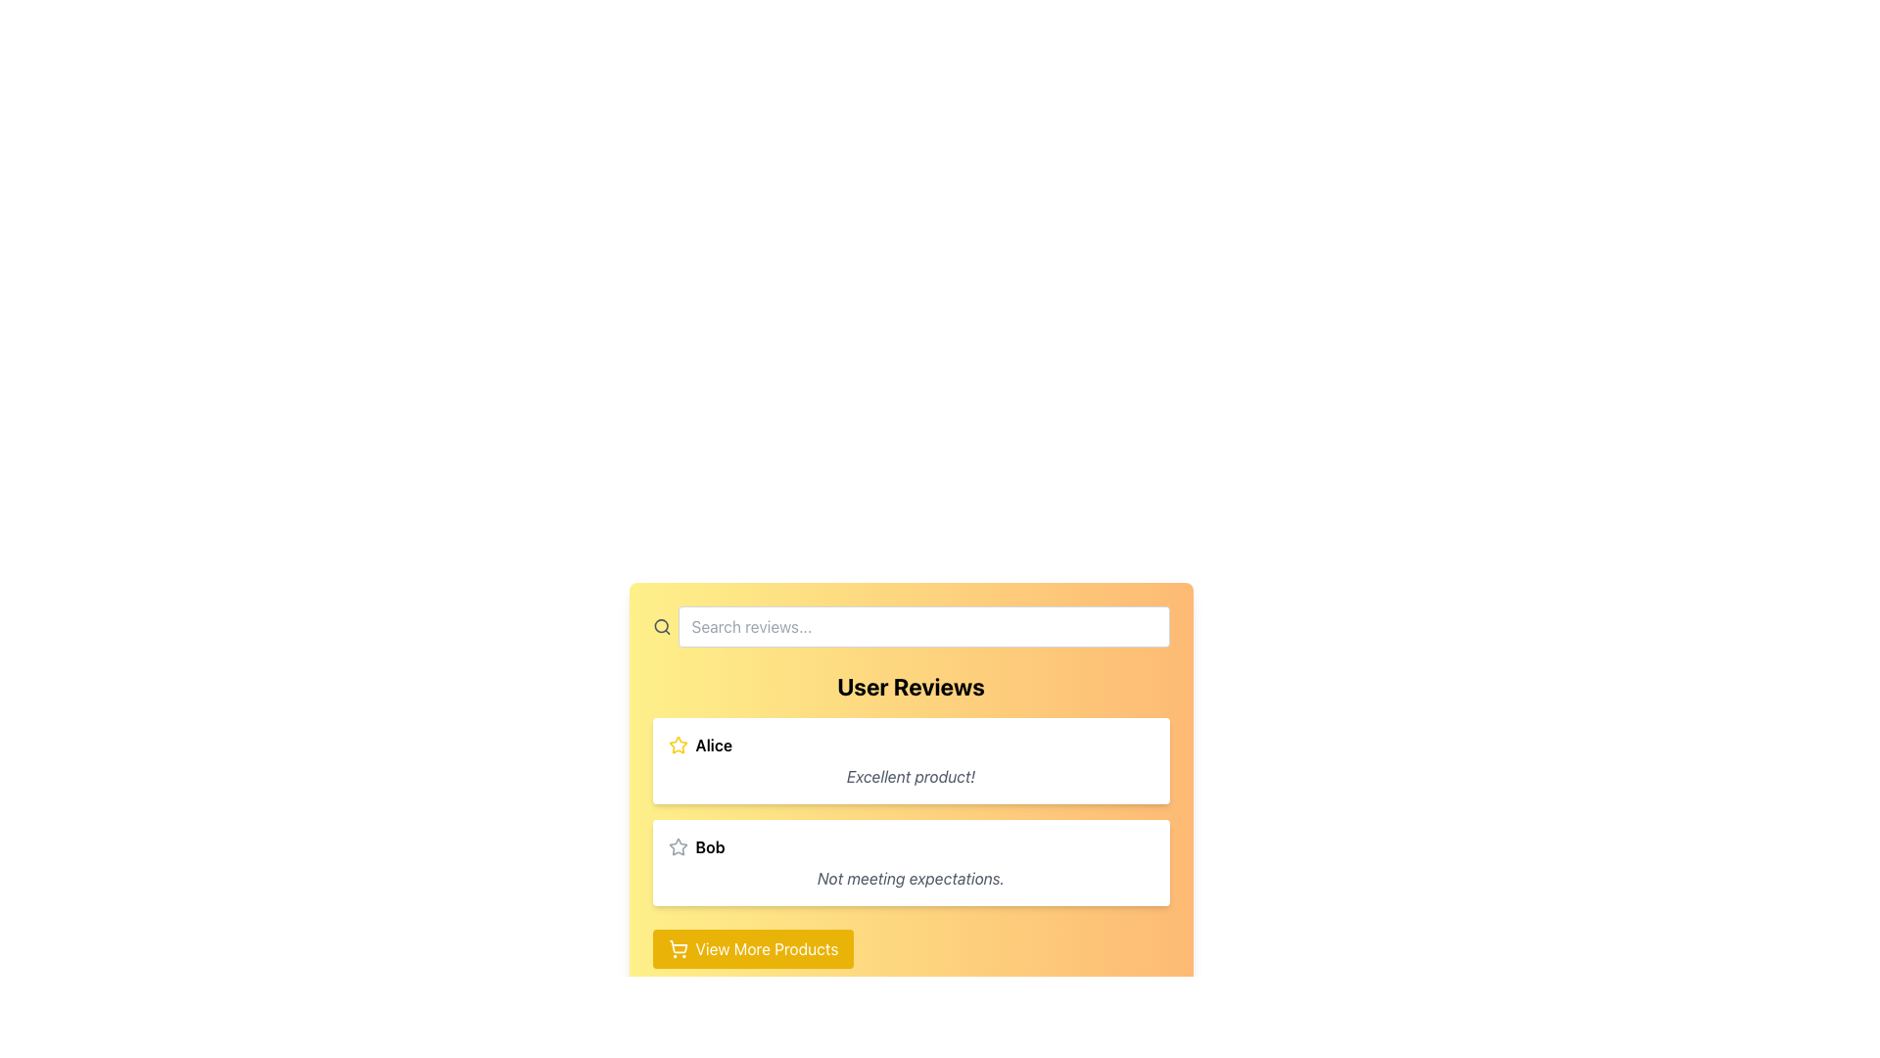 Image resolution: width=1880 pixels, height=1058 pixels. What do you see at coordinates (709, 845) in the screenshot?
I see `the second user name in the 'User Reviews' section, which identifies the person leaving the review, located below 'Alice' and next to a star icon` at bounding box center [709, 845].